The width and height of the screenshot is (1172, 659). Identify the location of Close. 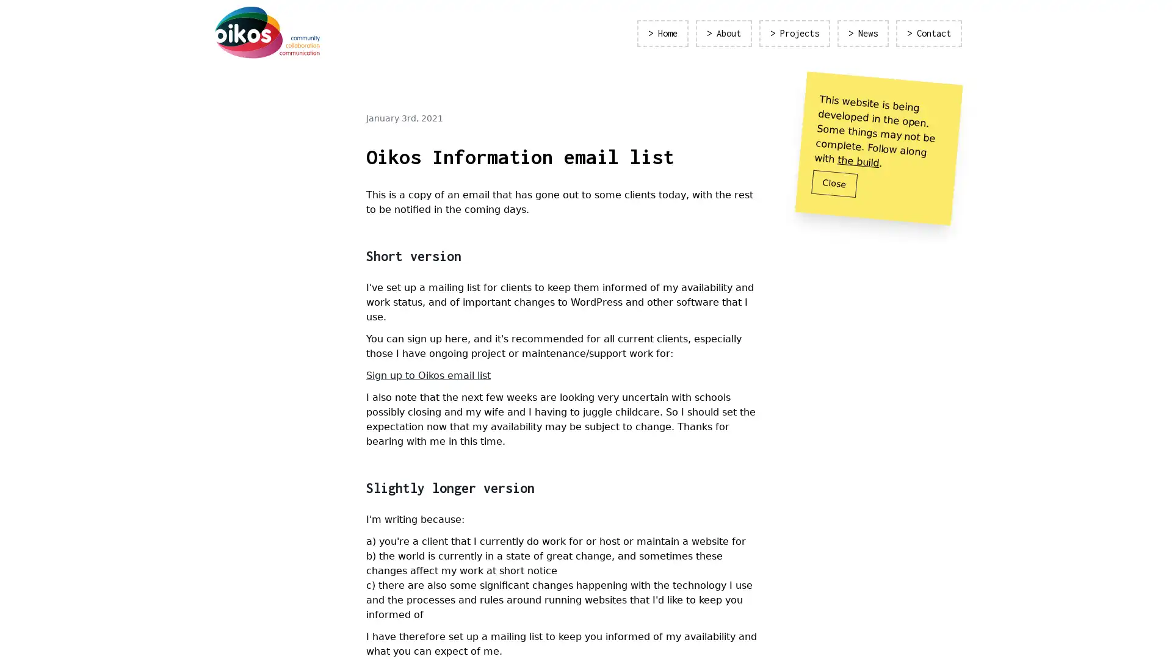
(834, 183).